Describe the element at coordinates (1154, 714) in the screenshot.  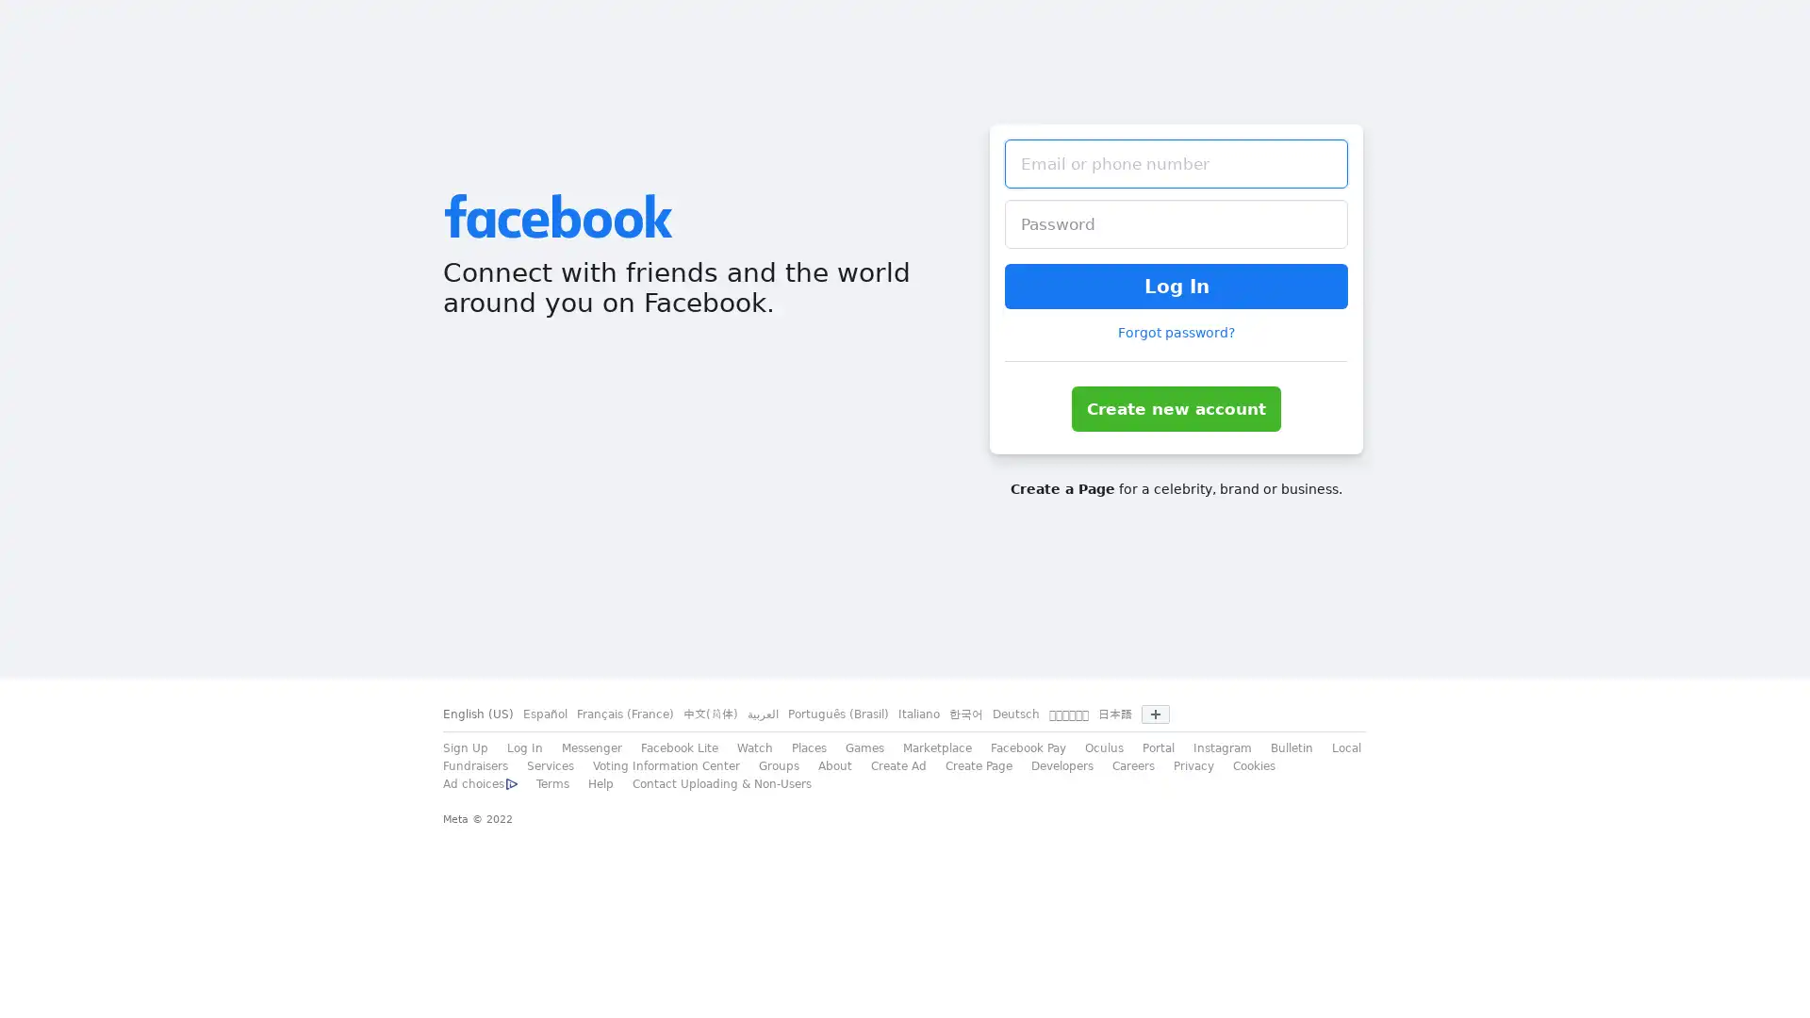
I see `Show more languages` at that location.